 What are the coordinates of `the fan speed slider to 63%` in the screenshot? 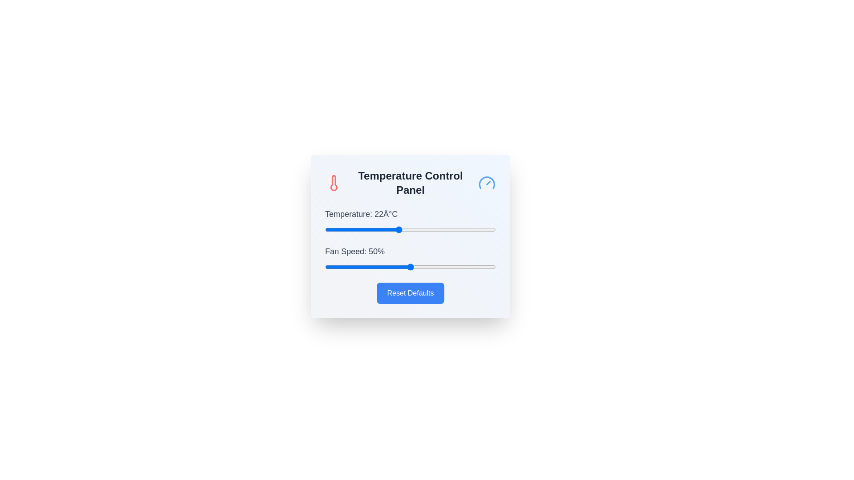 It's located at (432, 267).